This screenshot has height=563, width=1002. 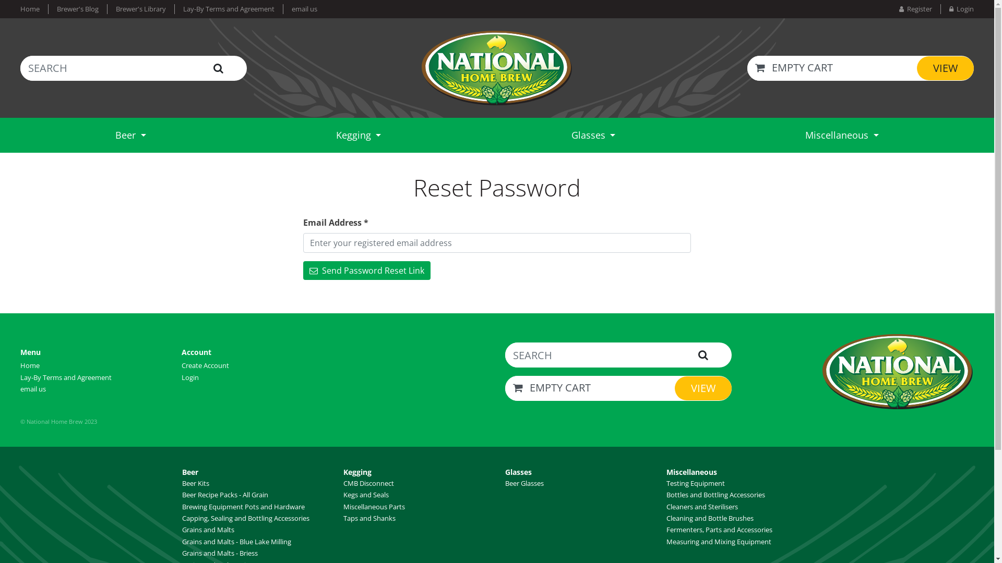 What do you see at coordinates (182, 472) in the screenshot?
I see `'Beer'` at bounding box center [182, 472].